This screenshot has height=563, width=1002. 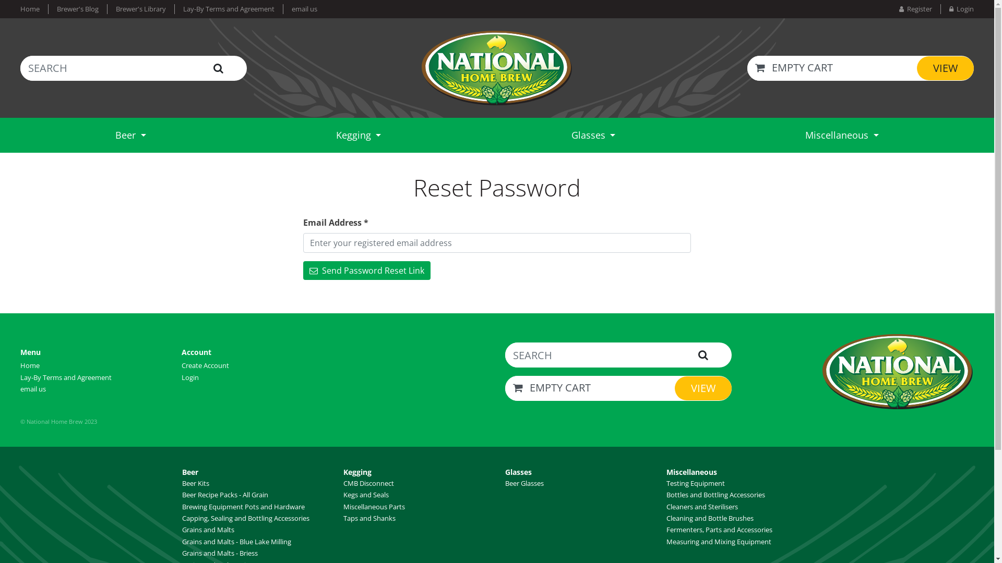 What do you see at coordinates (182, 472) in the screenshot?
I see `'Beer'` at bounding box center [182, 472].